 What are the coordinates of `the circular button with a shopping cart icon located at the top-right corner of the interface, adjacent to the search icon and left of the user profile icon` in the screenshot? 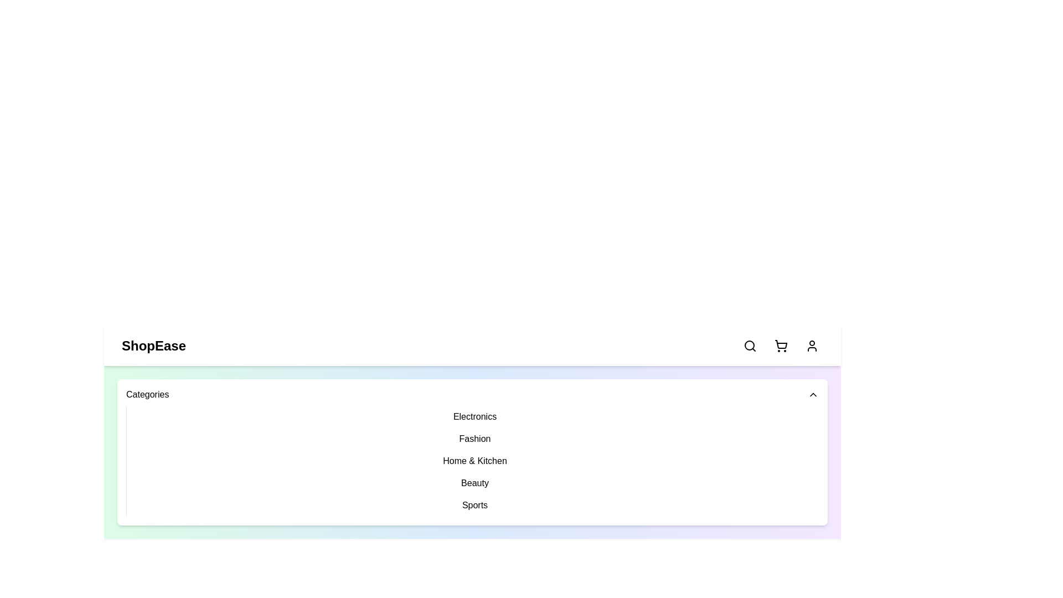 It's located at (781, 345).